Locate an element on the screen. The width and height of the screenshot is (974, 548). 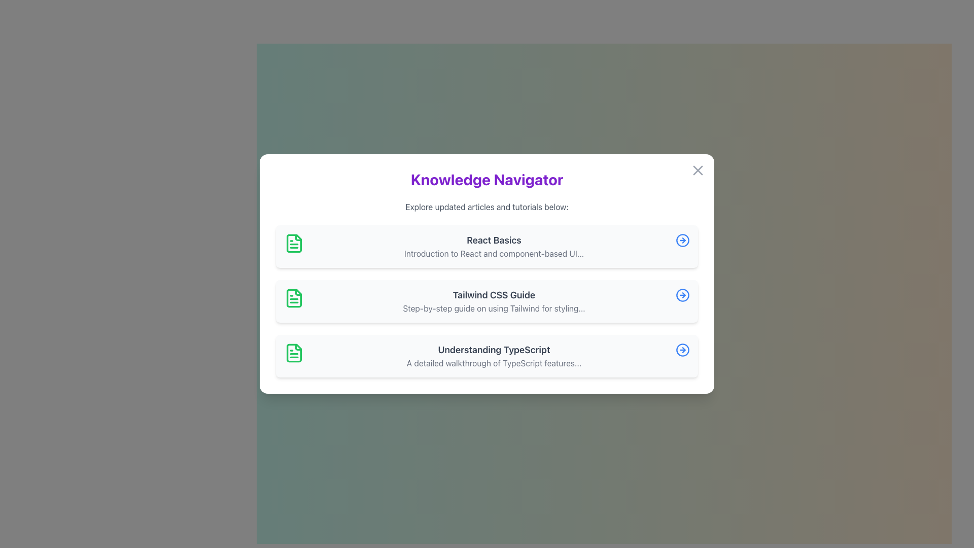
the central circle of the rightward arrow icon, which is part of the SVG representation next to the 'Tailwind CSS Guide' list item is located at coordinates (682, 295).